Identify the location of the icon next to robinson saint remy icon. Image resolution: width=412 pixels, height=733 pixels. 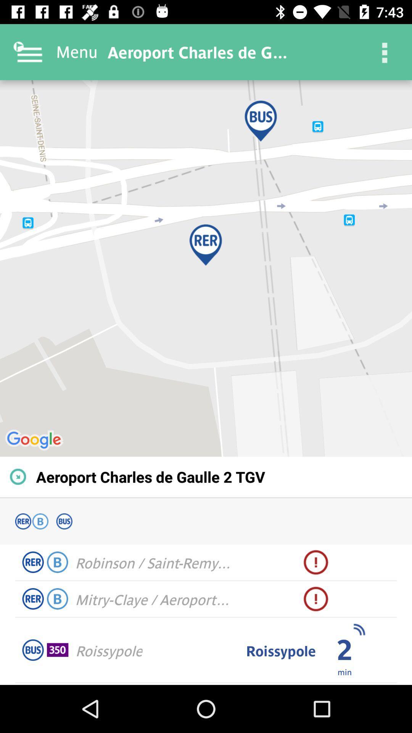
(316, 562).